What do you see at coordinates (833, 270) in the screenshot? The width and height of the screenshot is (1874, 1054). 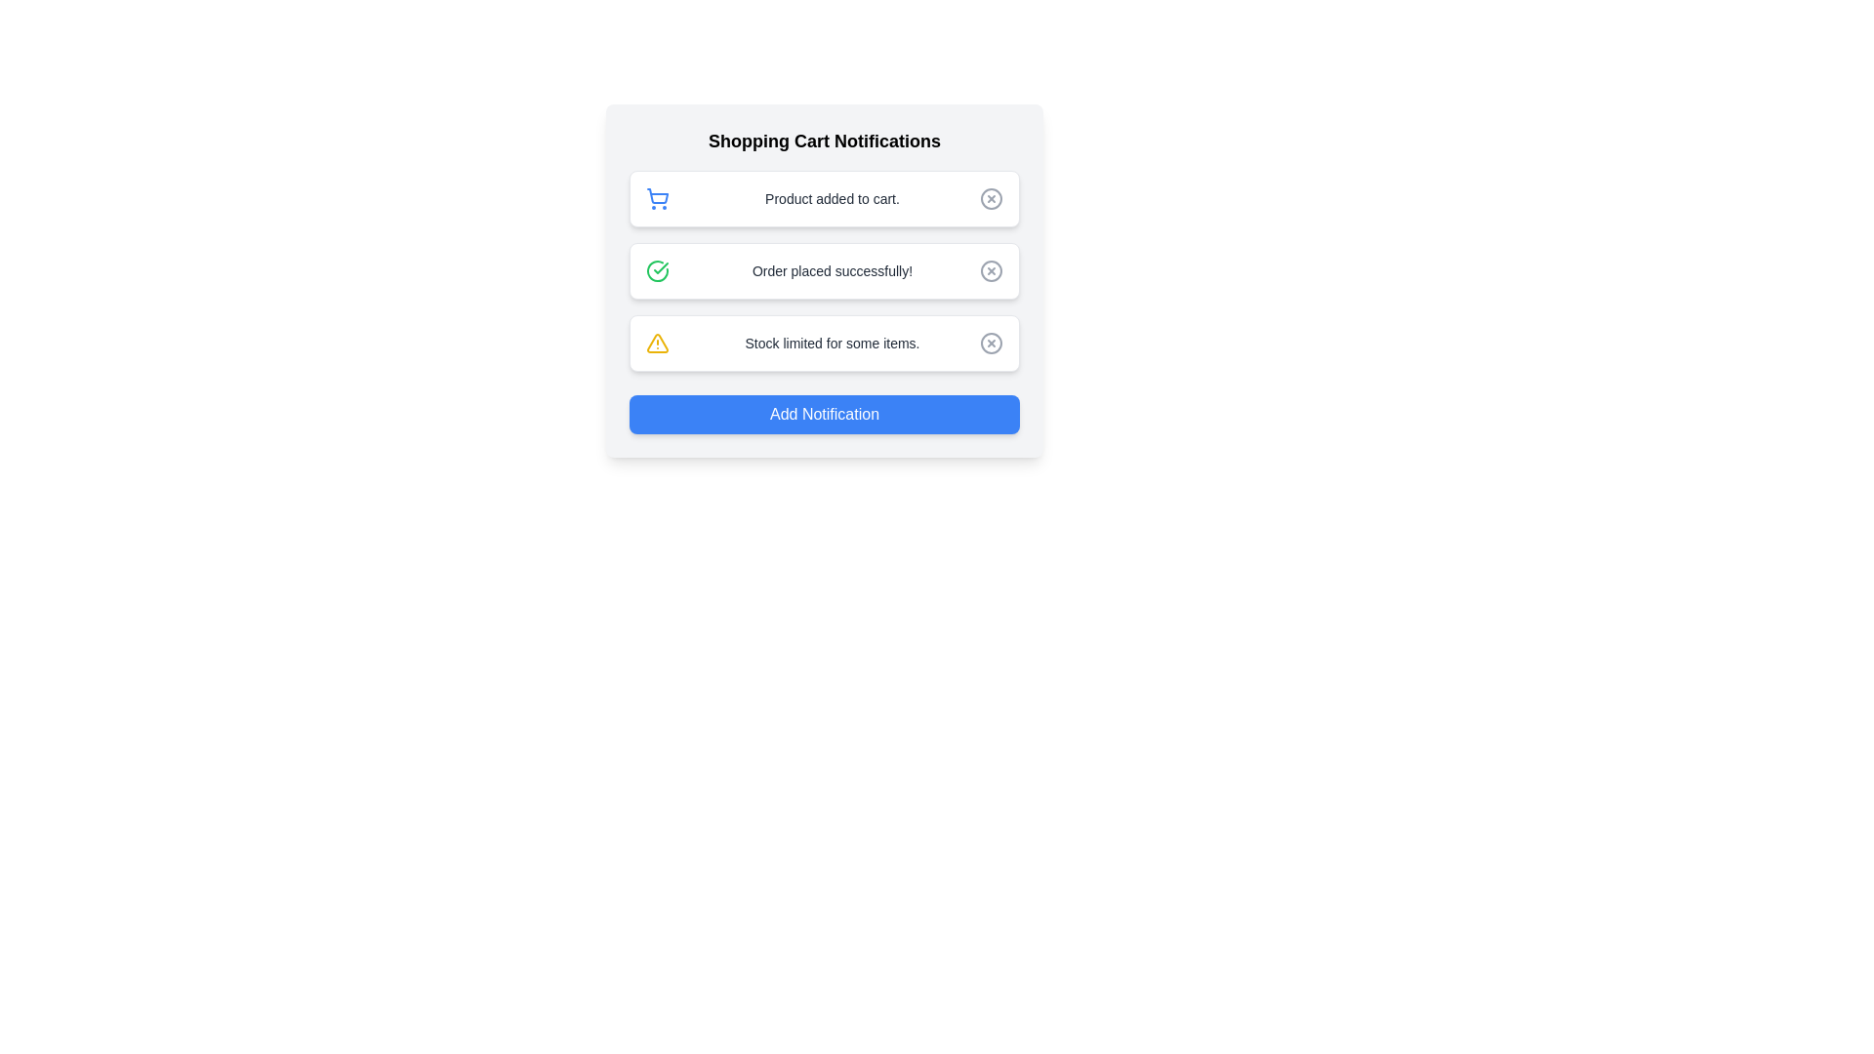 I see `the text label that informs the user about the successful placement of an order, located in the middle of the three notification cards in the 'Shopping Cart Notifications' panel` at bounding box center [833, 270].